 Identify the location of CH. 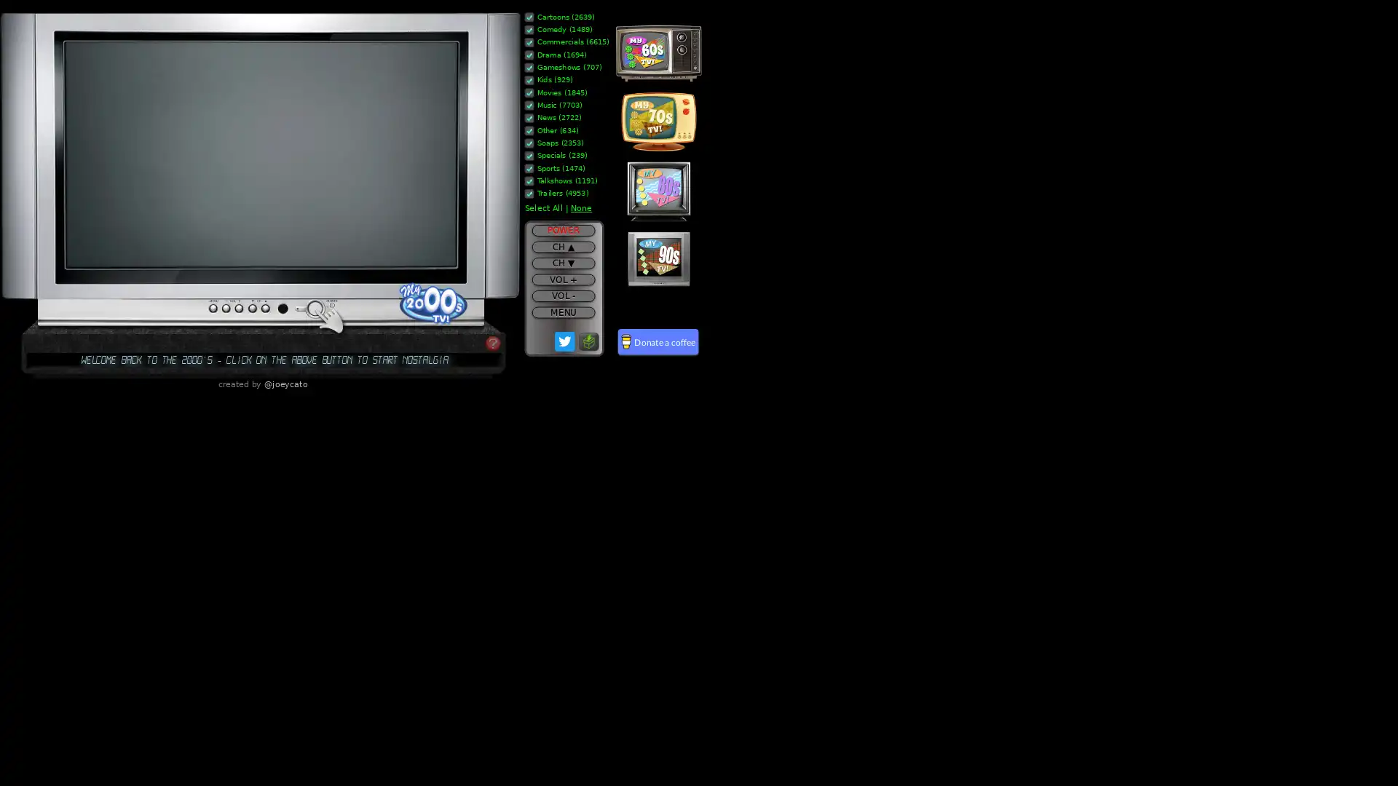
(562, 246).